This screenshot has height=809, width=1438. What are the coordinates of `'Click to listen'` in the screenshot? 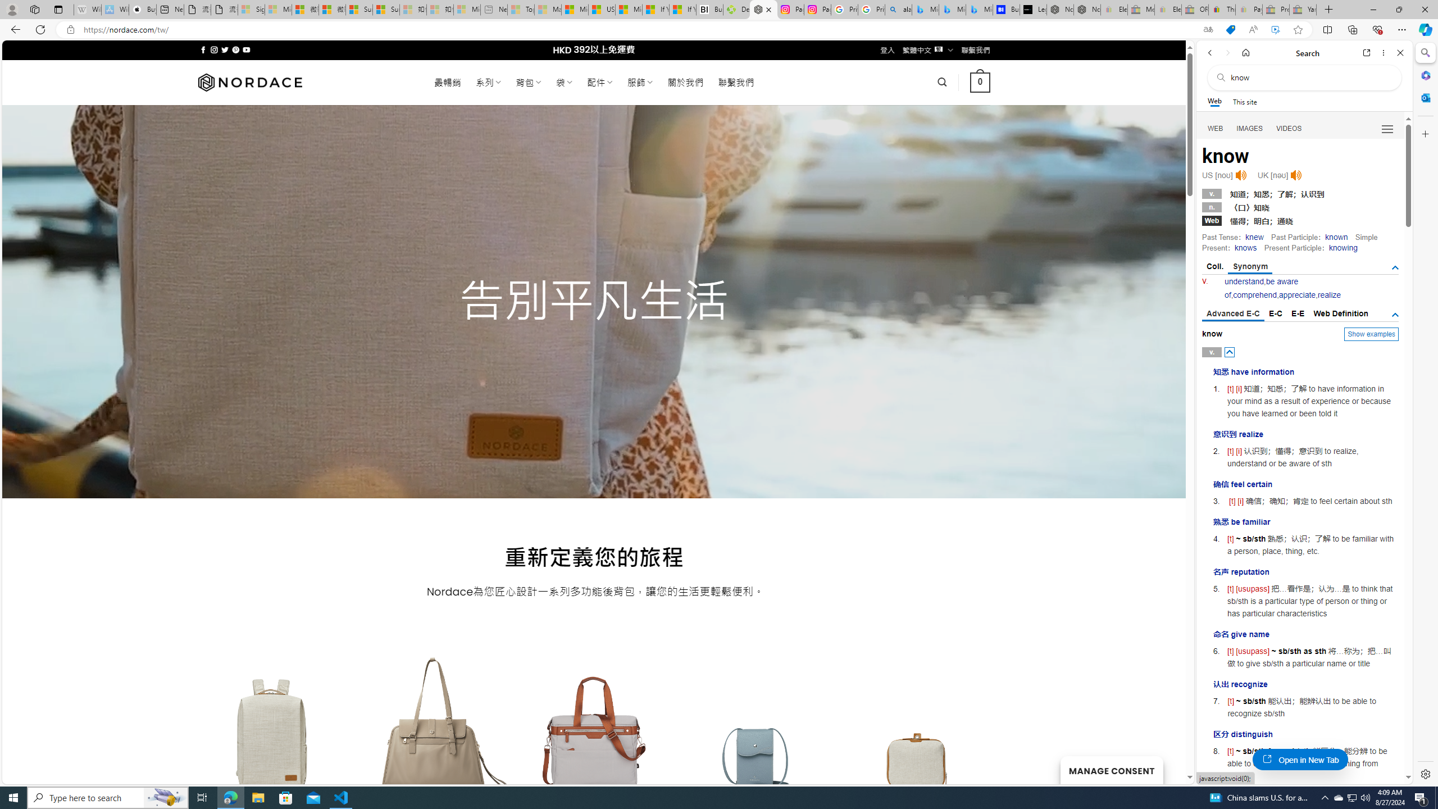 It's located at (1296, 175).